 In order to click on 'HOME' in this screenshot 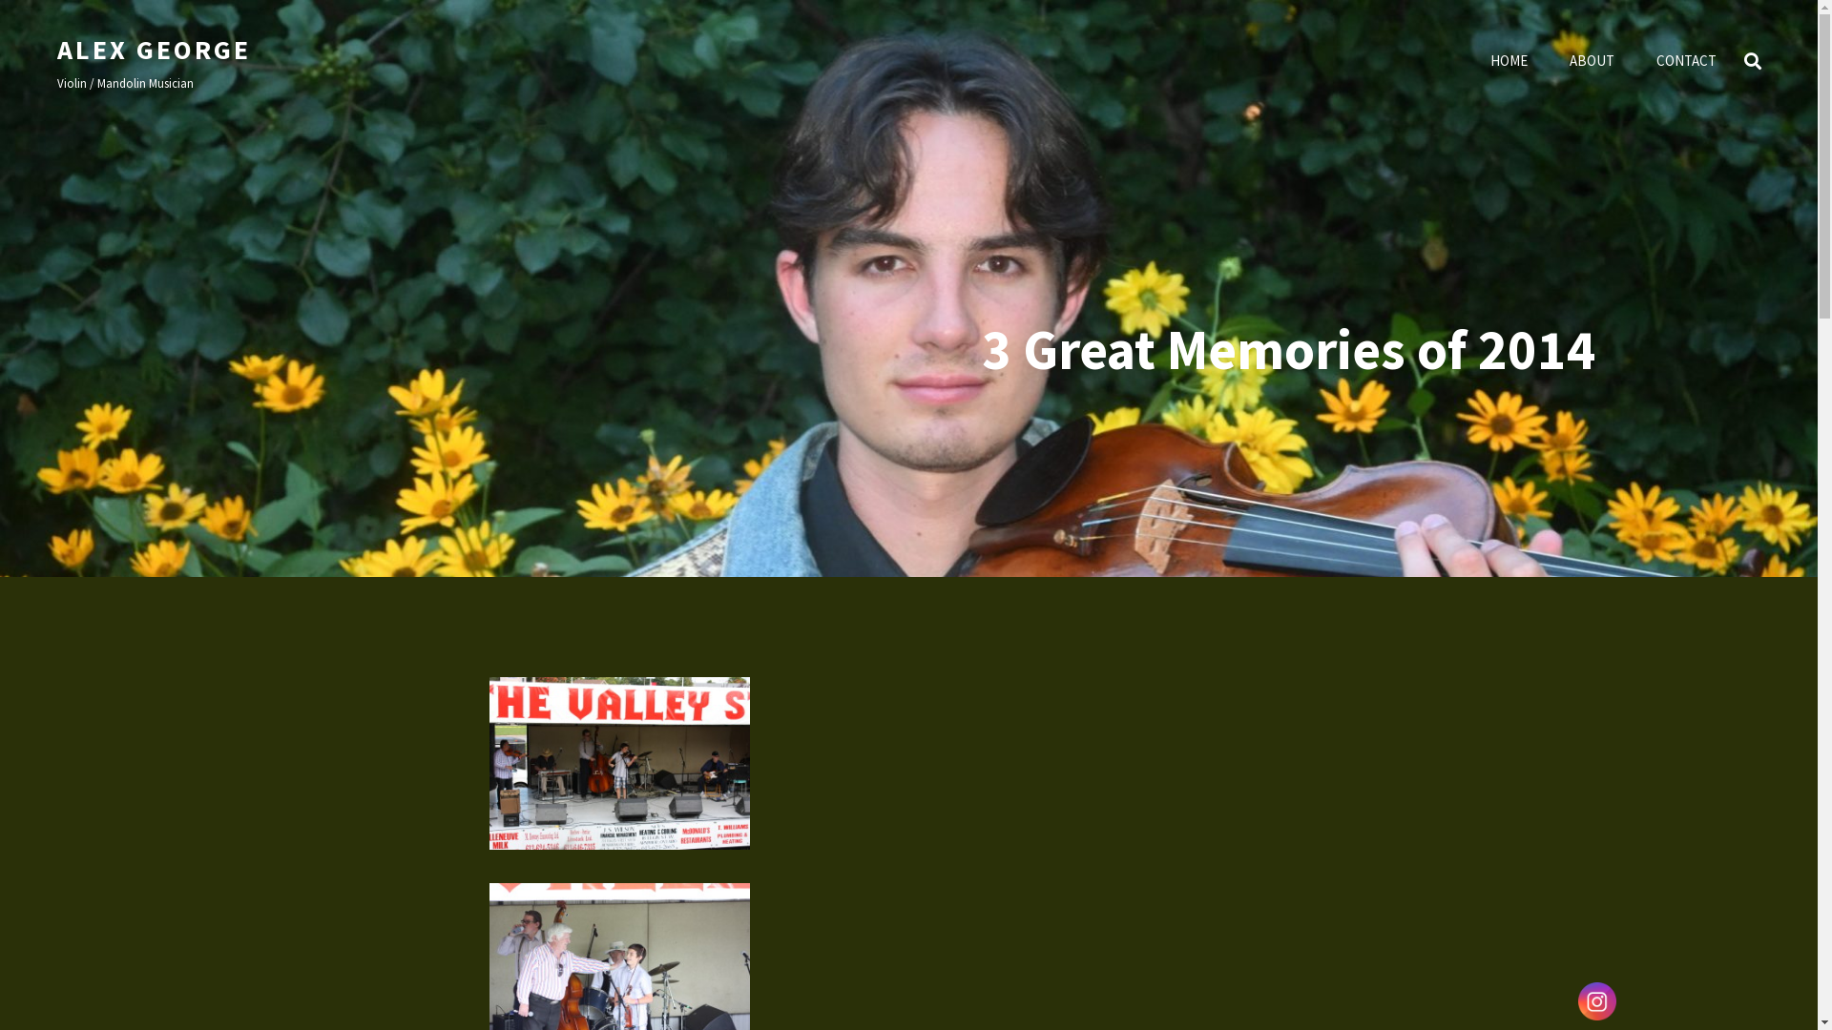, I will do `click(1508, 60)`.